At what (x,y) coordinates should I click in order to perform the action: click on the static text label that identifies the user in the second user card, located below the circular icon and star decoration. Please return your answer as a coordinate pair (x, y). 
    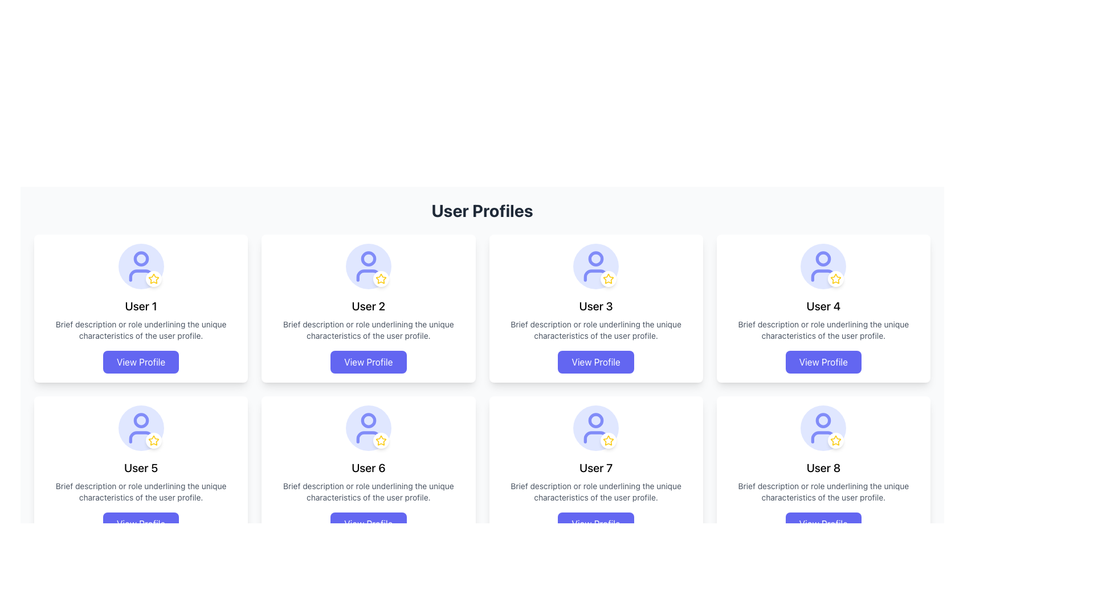
    Looking at the image, I should click on (368, 305).